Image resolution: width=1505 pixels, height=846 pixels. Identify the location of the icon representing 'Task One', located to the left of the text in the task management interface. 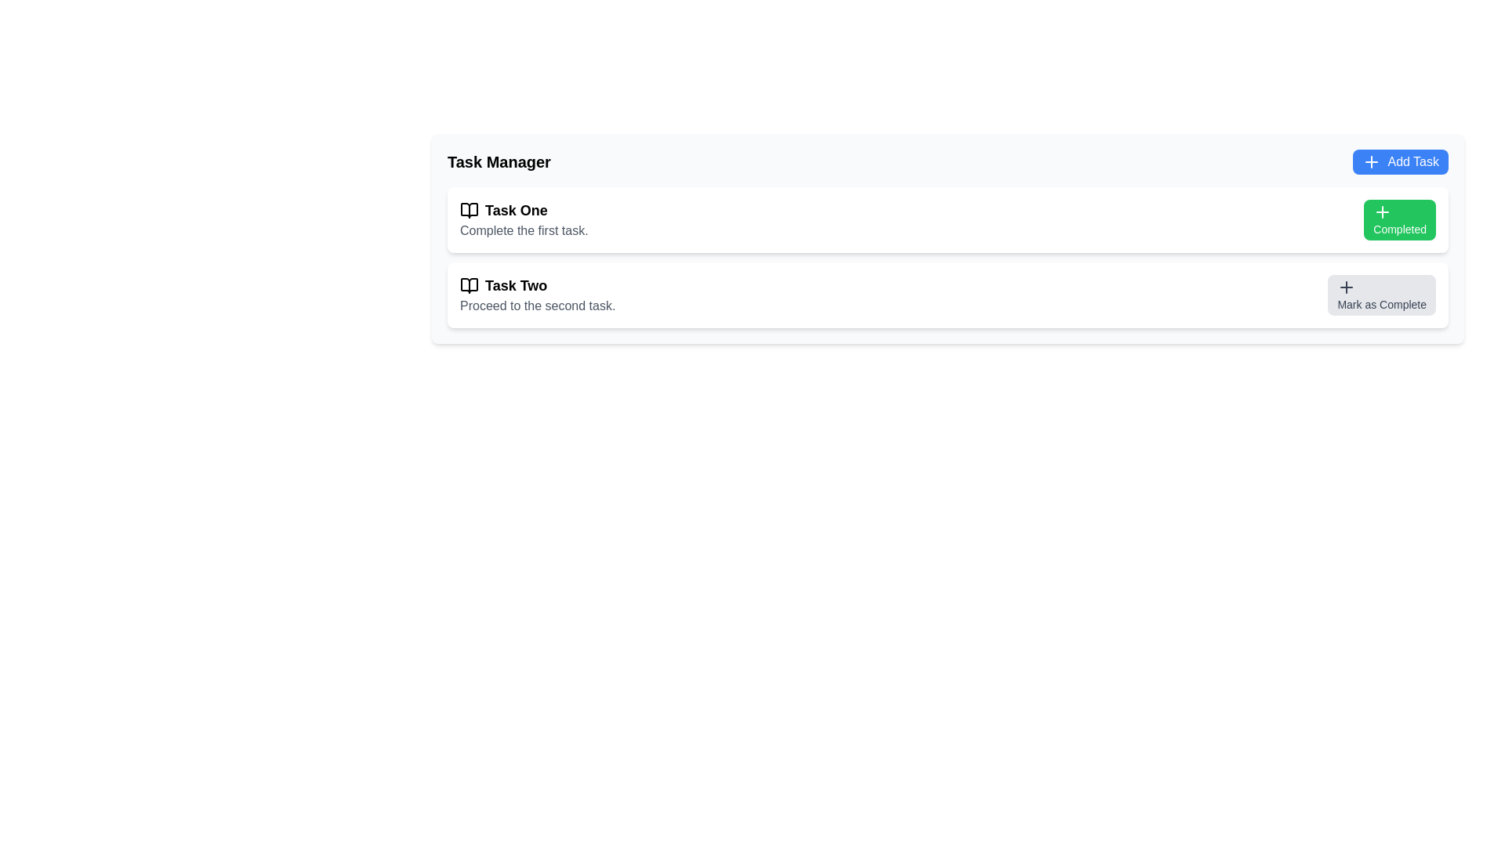
(469, 210).